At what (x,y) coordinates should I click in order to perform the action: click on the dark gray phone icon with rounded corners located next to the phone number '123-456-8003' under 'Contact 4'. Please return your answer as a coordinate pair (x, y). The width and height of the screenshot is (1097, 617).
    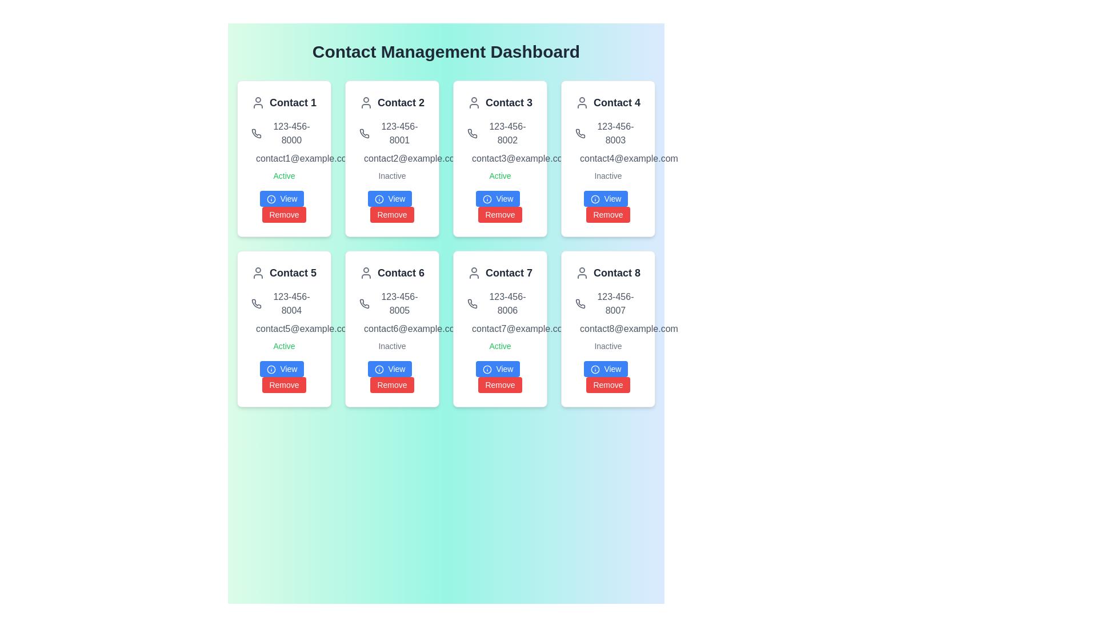
    Looking at the image, I should click on (580, 133).